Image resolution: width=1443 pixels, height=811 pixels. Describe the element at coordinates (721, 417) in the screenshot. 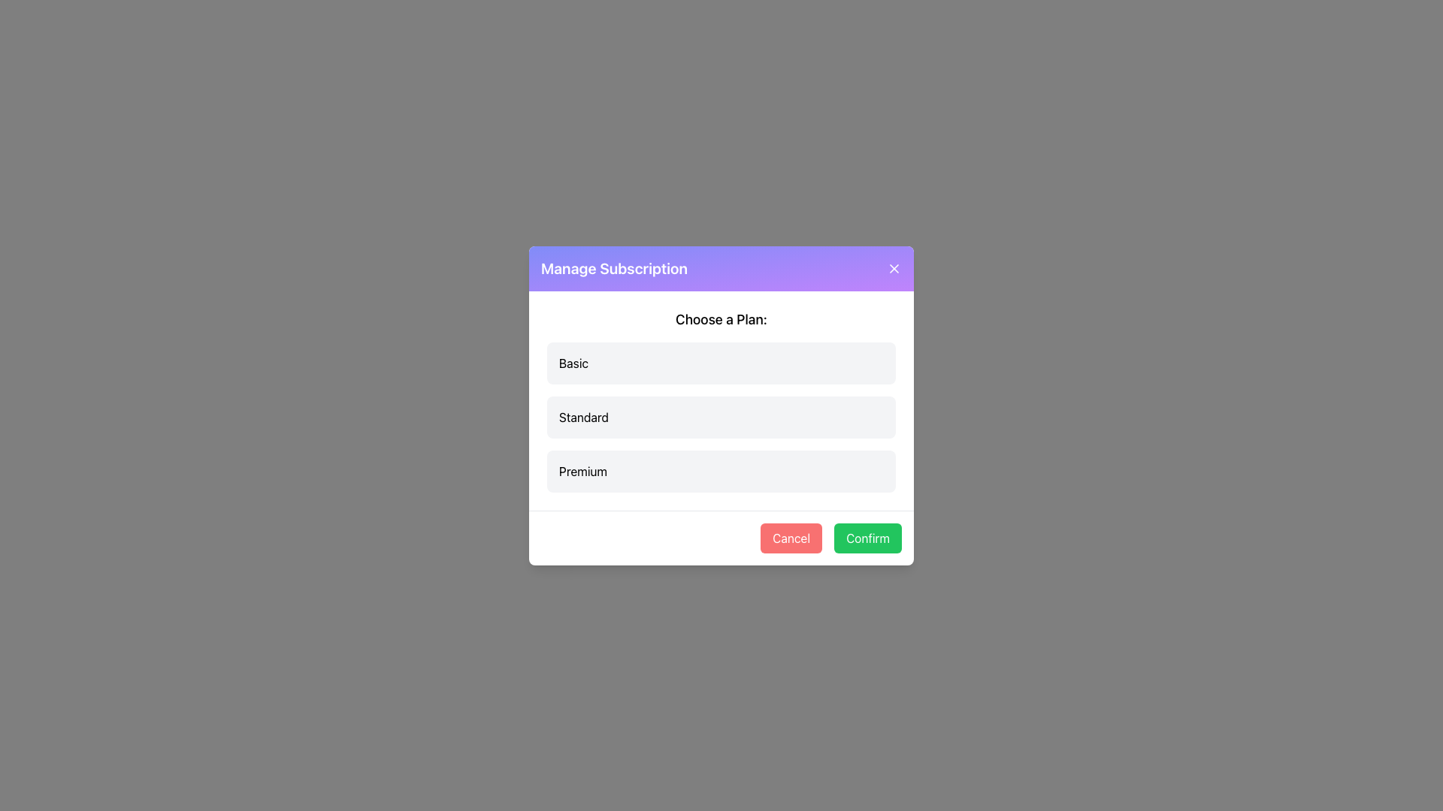

I see `the 'Standard' button, which is the second selectable option in the middle of the selection panel under 'Choose a Plan:'` at that location.